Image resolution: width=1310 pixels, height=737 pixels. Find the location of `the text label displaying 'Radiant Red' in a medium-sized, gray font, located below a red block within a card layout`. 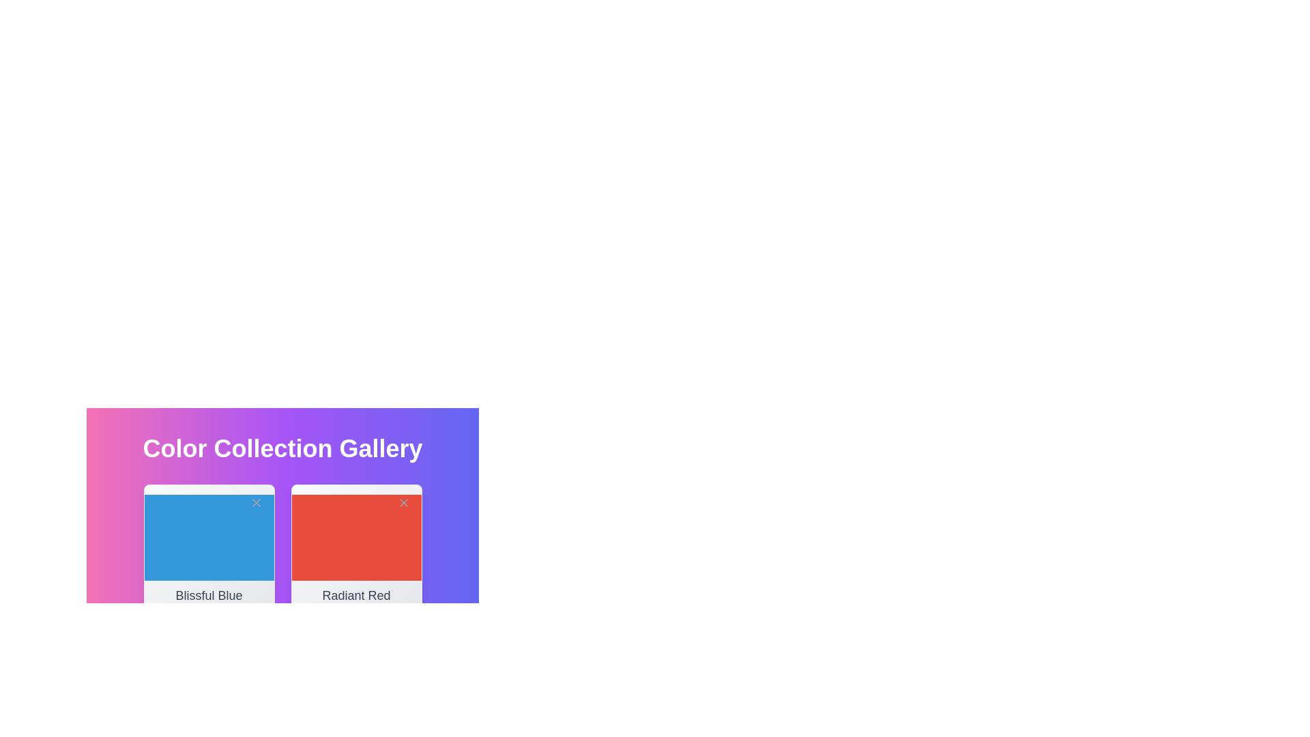

the text label displaying 'Radiant Red' in a medium-sized, gray font, located below a red block within a card layout is located at coordinates (356, 595).